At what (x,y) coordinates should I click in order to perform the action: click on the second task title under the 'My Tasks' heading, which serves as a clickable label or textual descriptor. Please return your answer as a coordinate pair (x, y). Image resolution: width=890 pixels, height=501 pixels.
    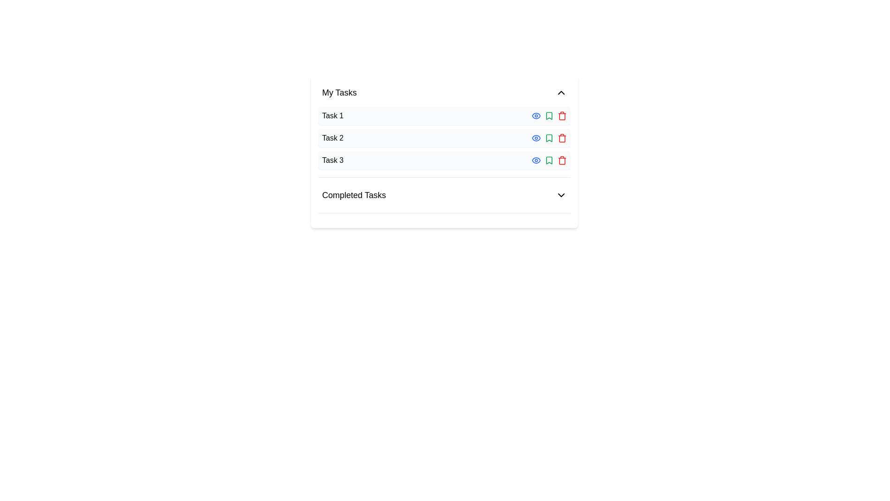
    Looking at the image, I should click on (333, 138).